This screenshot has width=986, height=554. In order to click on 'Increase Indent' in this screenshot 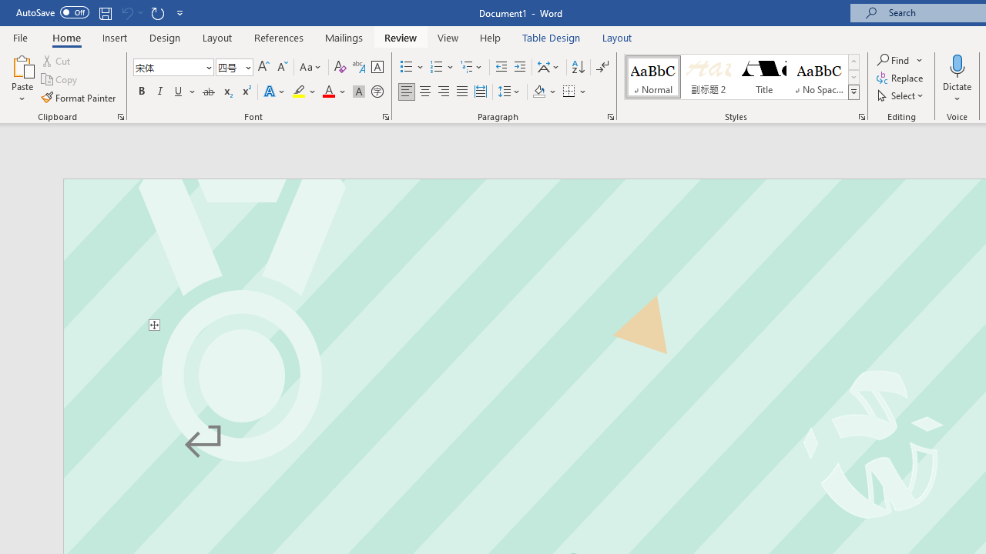, I will do `click(520, 66)`.